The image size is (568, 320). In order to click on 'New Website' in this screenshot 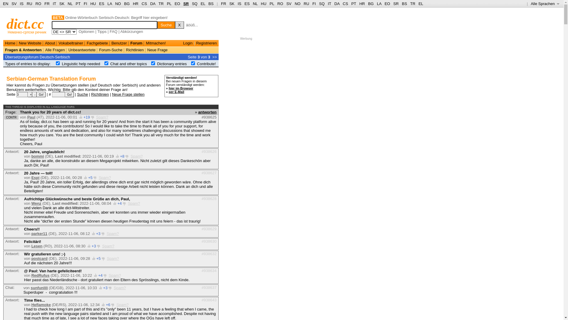, I will do `click(30, 43)`.